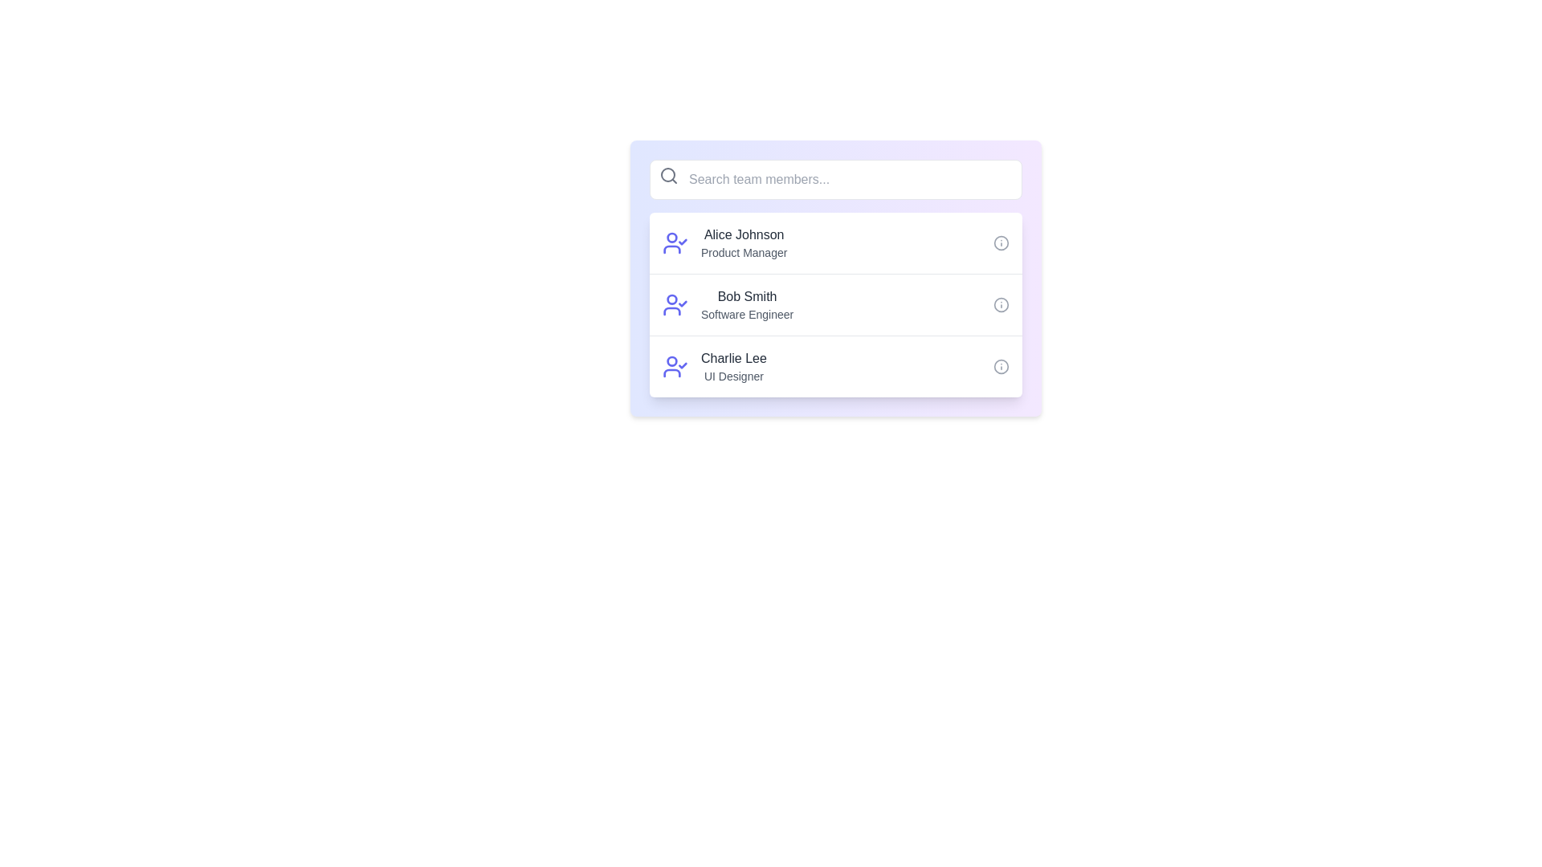 The width and height of the screenshot is (1542, 867). Describe the element at coordinates (675, 243) in the screenshot. I see `the status represented by the user profile icon with a checkmark, styled in indigo color, located to the left of the text 'Alice Johnson Product Manager'` at that location.